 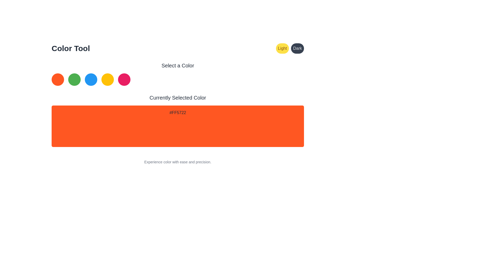 I want to click on text label located centrally above the color representation, which provides context for the displayed color, so click(x=178, y=98).